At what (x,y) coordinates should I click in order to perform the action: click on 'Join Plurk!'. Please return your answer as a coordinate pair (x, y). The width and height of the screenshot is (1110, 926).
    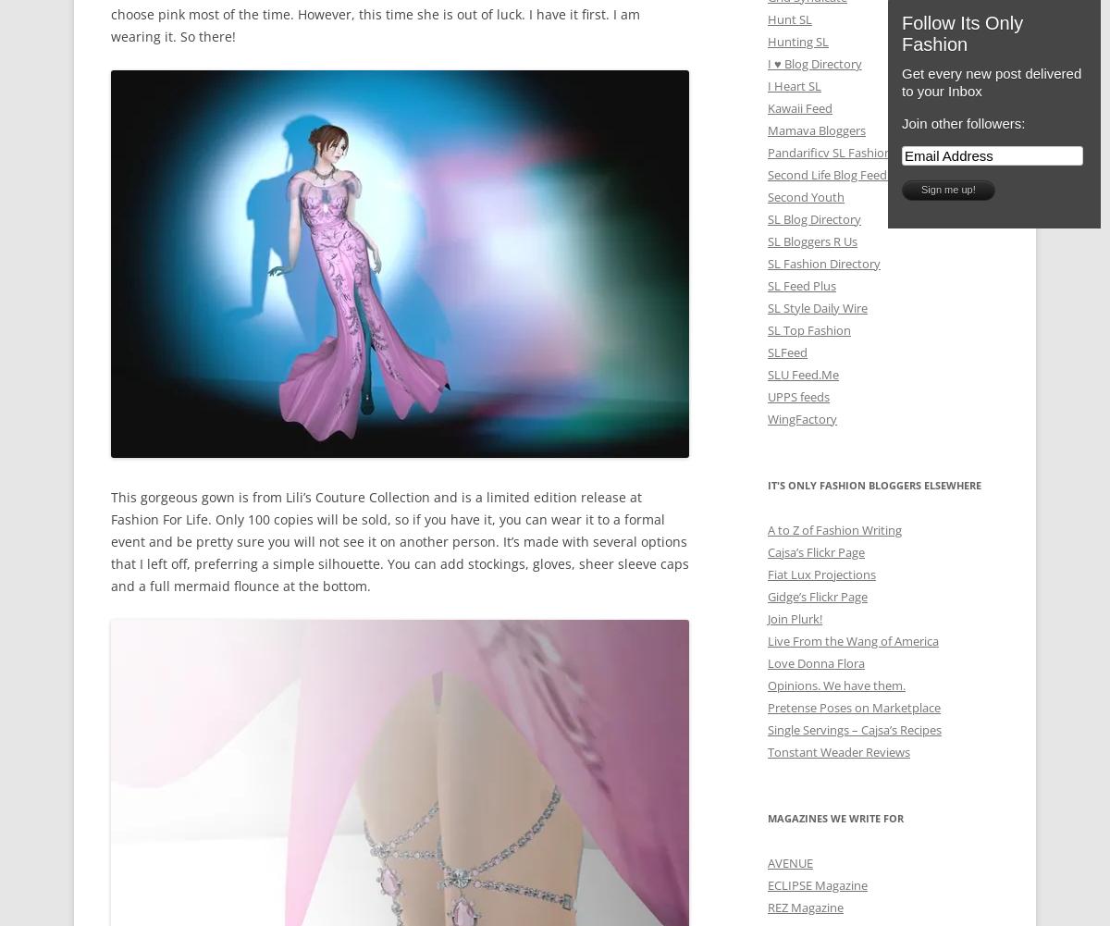
    Looking at the image, I should click on (767, 616).